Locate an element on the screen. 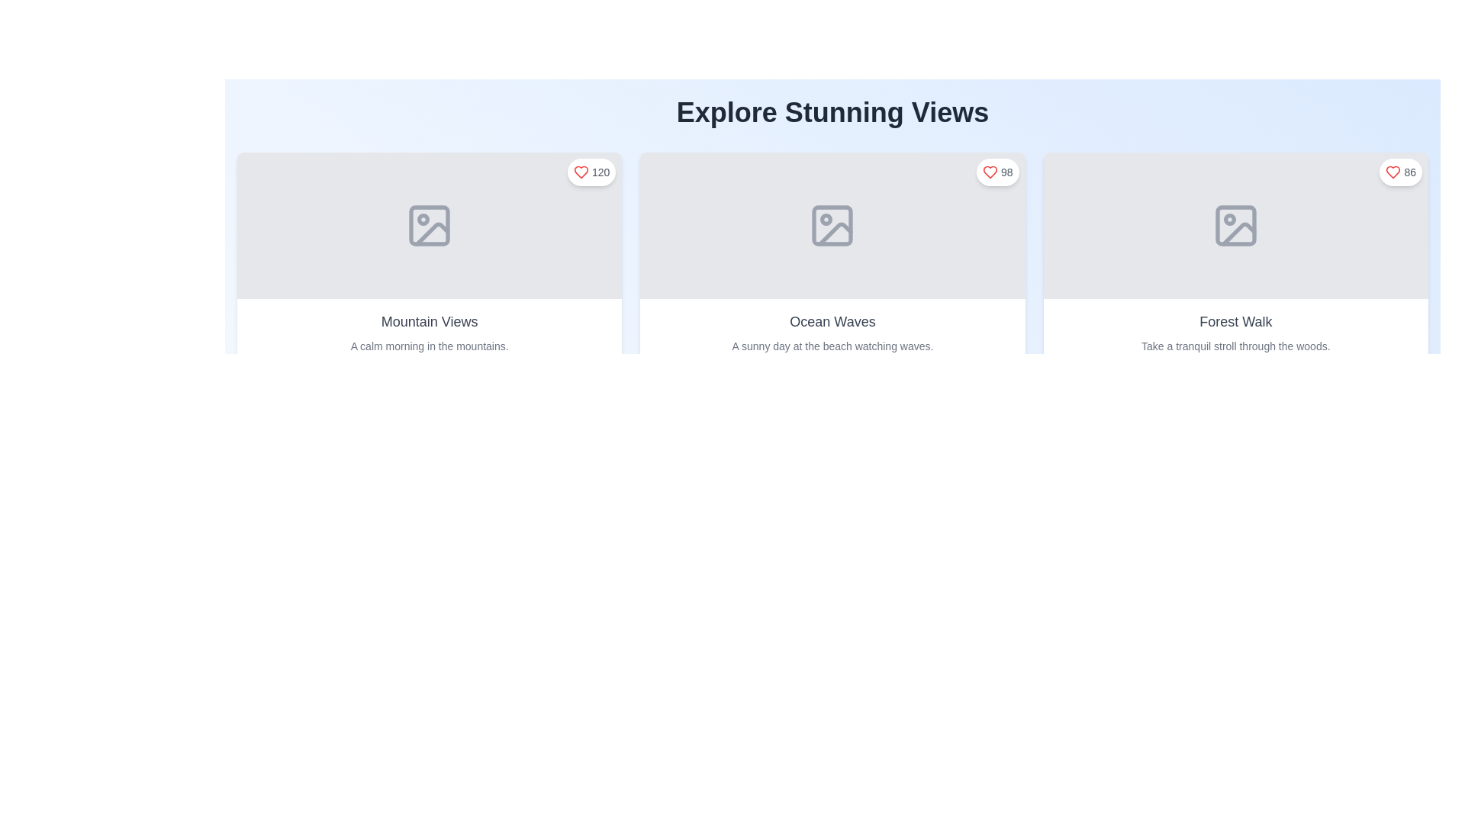 The image size is (1465, 824). the small circular graphical element located at the center of the image icon in the 'Forest Walk' card, which is the rightmost box among three horizontally aligned cards is located at coordinates (1229, 220).